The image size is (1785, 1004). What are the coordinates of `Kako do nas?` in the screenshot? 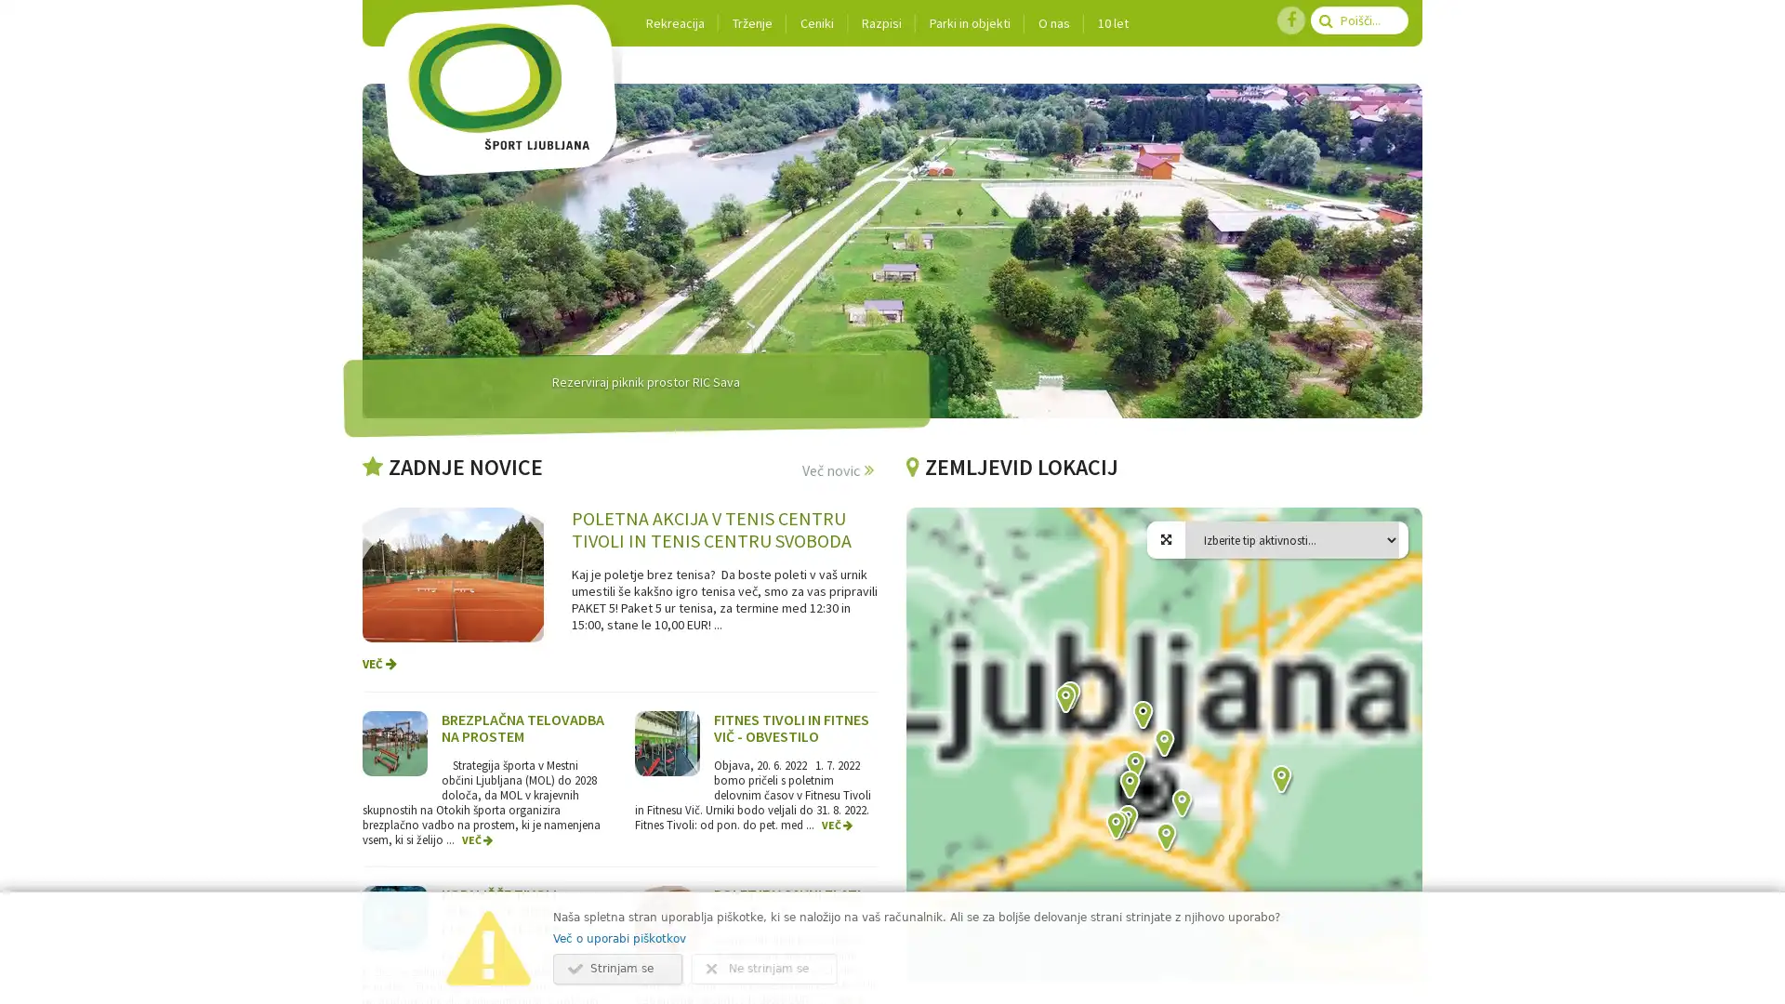 It's located at (1133, 767).